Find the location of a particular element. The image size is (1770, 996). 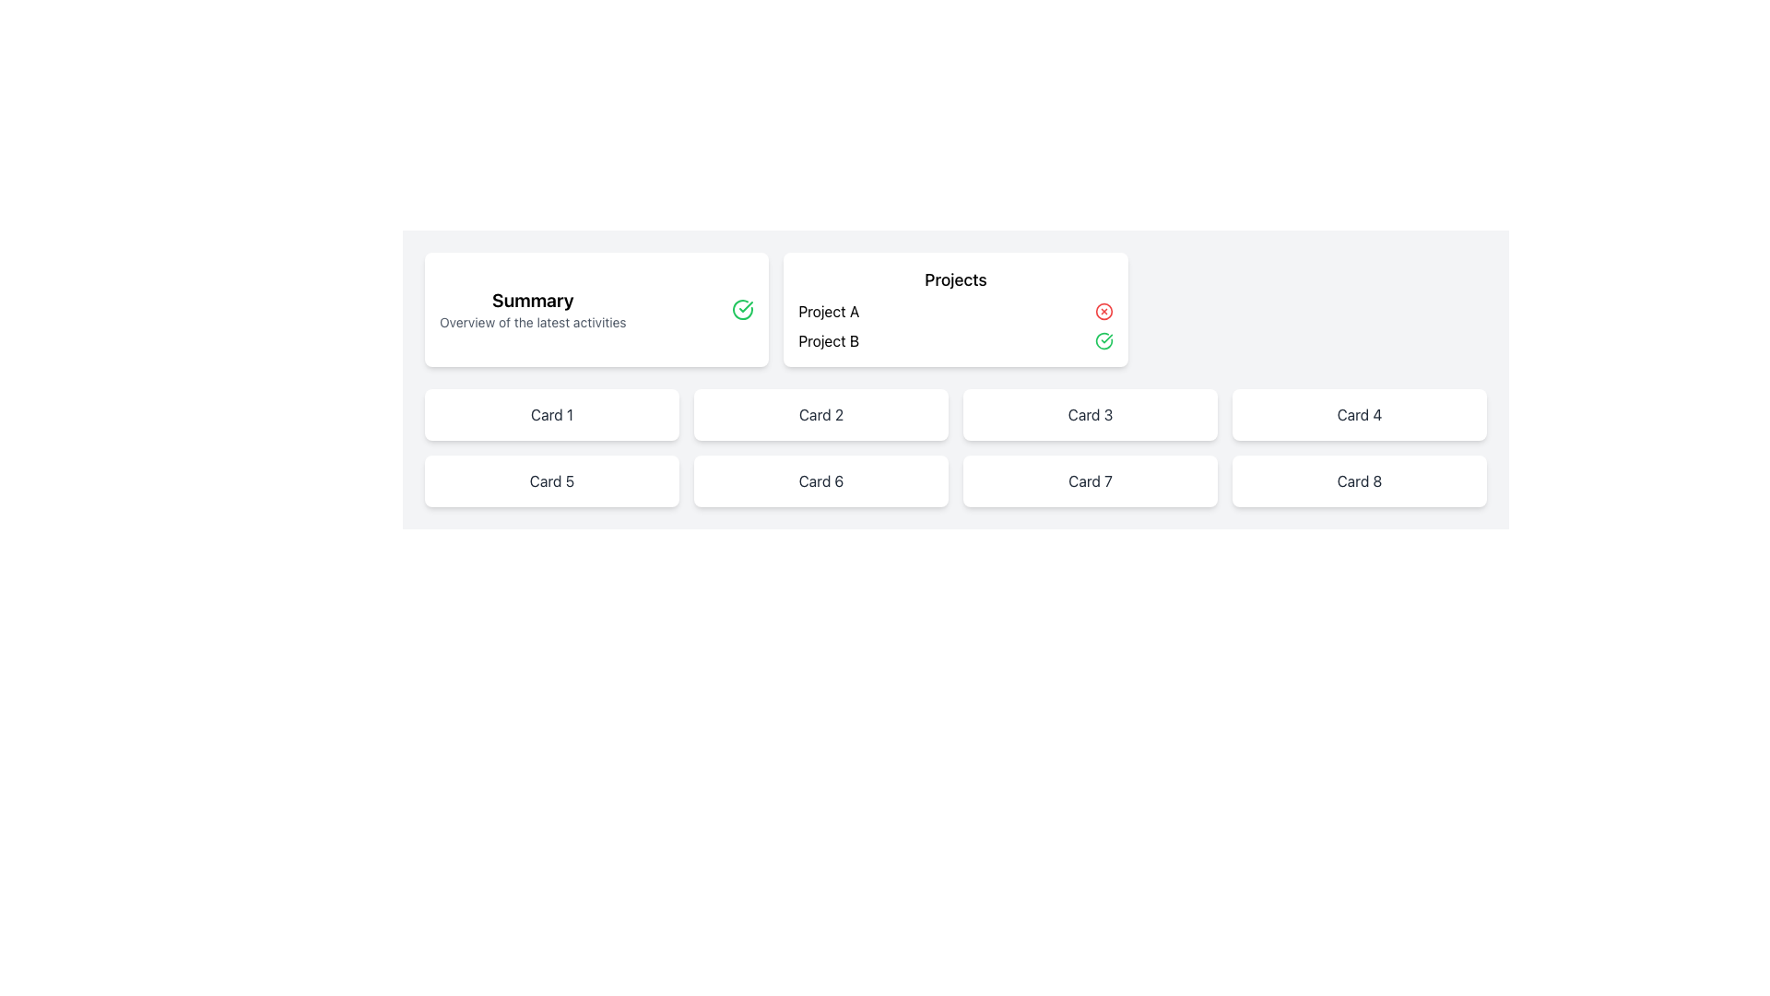

the first card in the grid layout is located at coordinates (551, 415).